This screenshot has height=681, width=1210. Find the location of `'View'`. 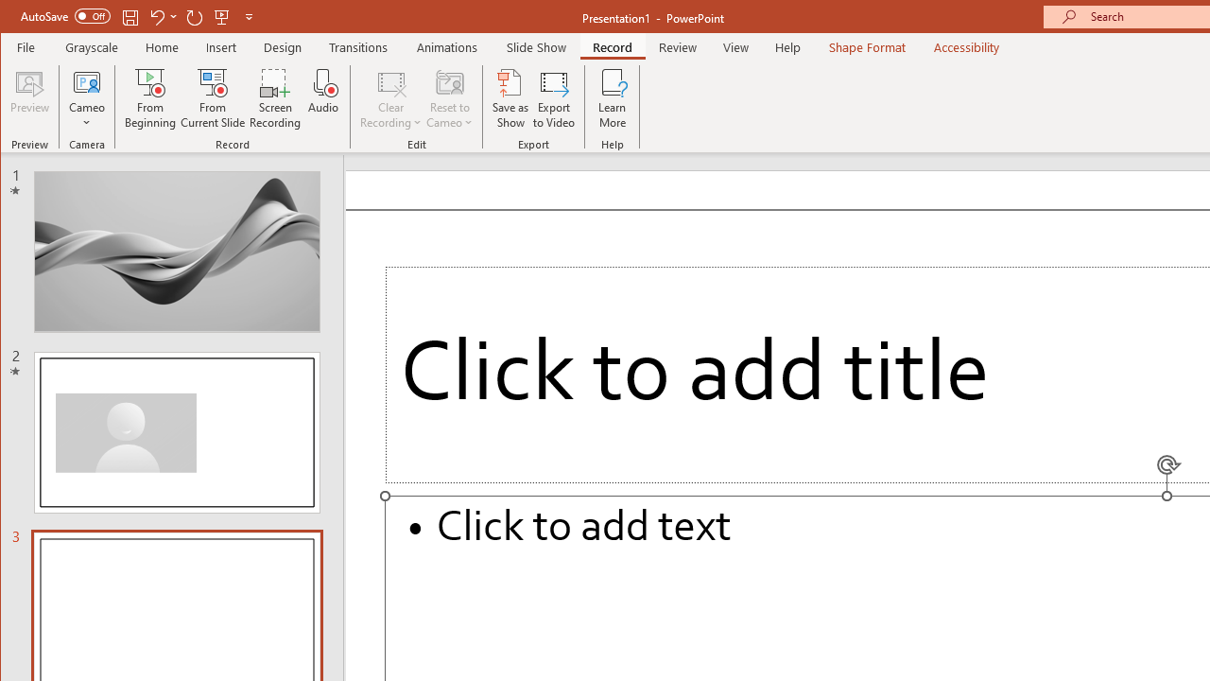

'View' is located at coordinates (735, 46).